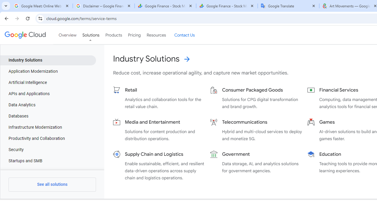 The height and width of the screenshot is (212, 377). I want to click on 'Application Modernization', so click(48, 71).